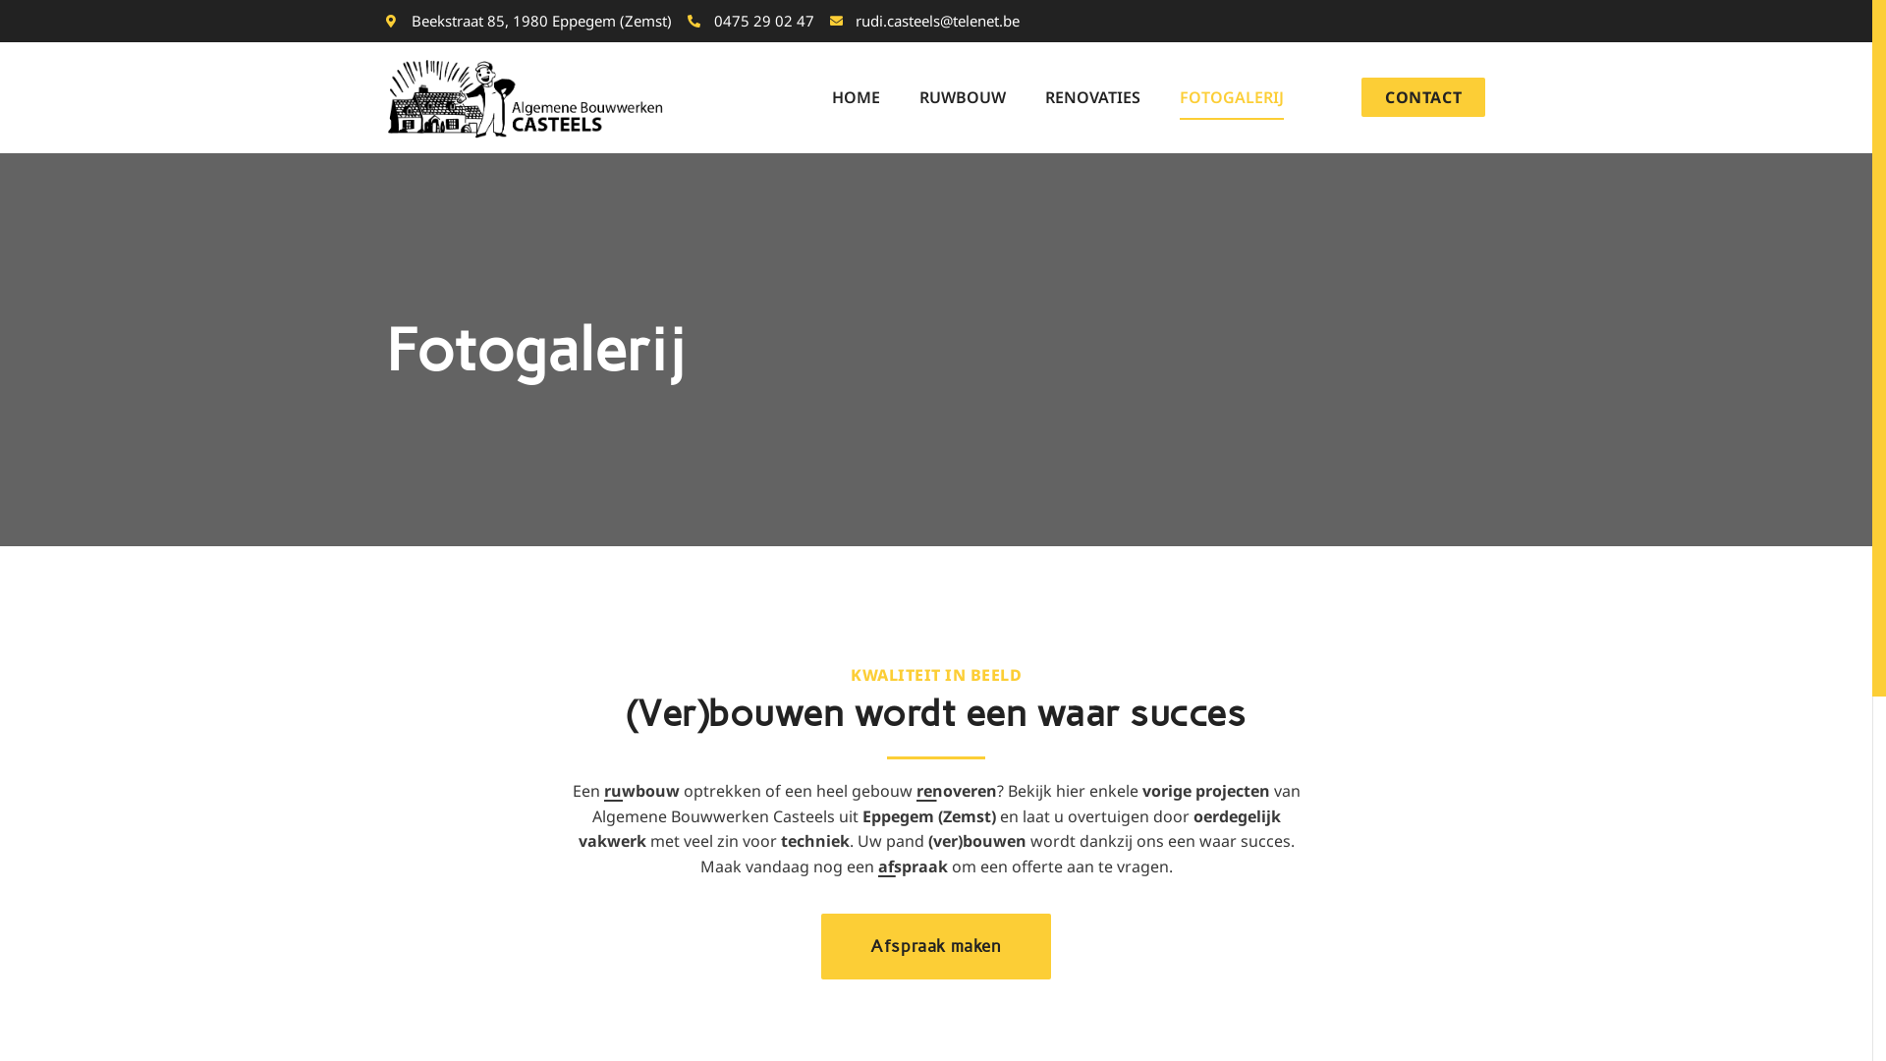 The width and height of the screenshot is (1886, 1061). Describe the element at coordinates (912, 866) in the screenshot. I see `'afspraak'` at that location.